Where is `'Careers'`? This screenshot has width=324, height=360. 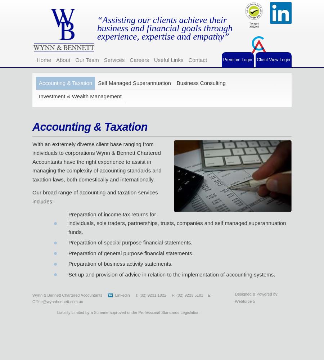
'Careers' is located at coordinates (139, 59).